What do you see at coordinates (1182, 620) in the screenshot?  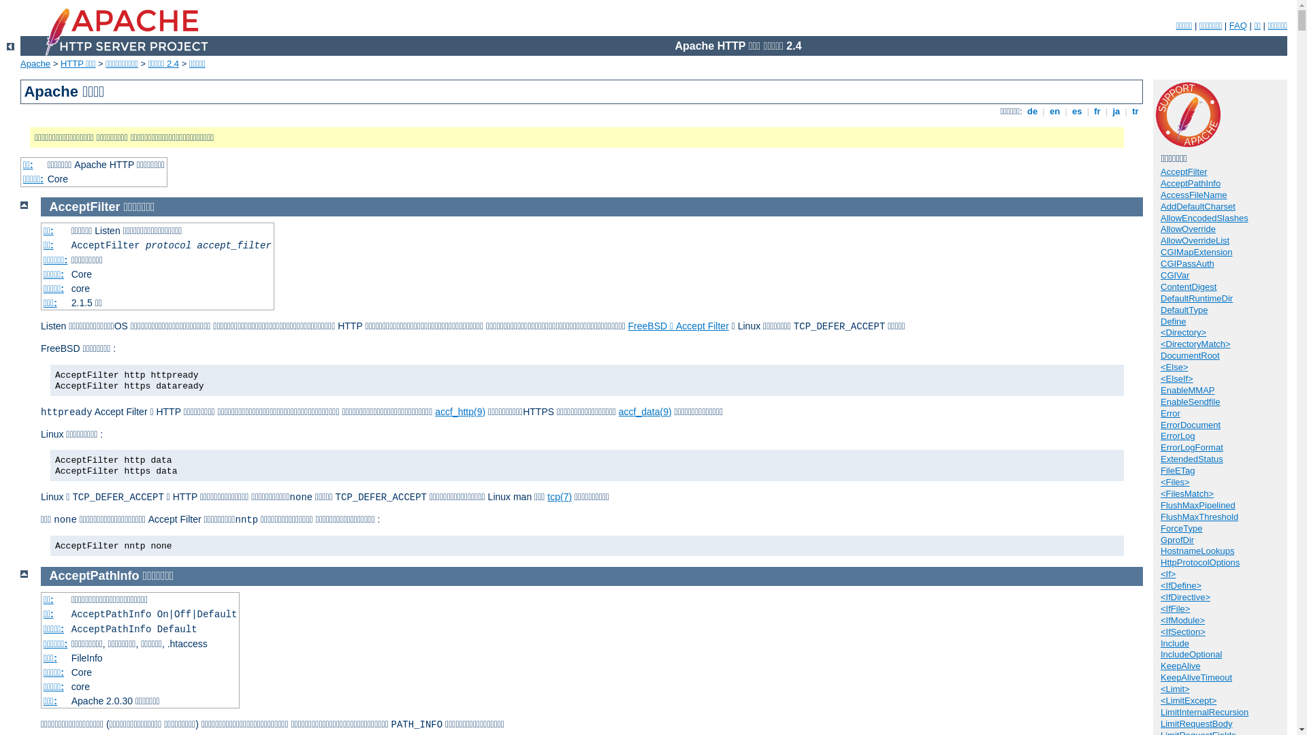 I see `'<IfModule>'` at bounding box center [1182, 620].